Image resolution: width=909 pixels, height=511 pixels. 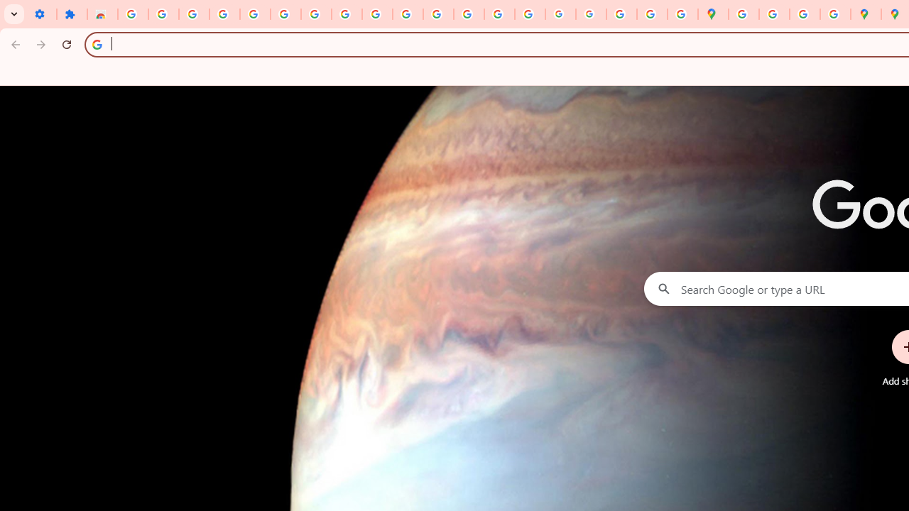 What do you see at coordinates (102, 14) in the screenshot?
I see `'Reviews: Helix Fruit Jump Arcade Game'` at bounding box center [102, 14].